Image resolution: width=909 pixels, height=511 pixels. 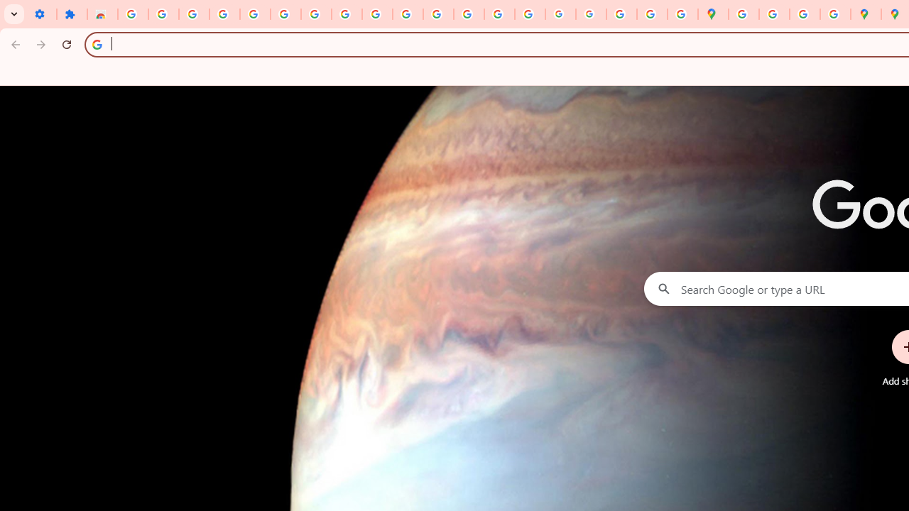 What do you see at coordinates (102, 14) in the screenshot?
I see `'Reviews: Helix Fruit Jump Arcade Game'` at bounding box center [102, 14].